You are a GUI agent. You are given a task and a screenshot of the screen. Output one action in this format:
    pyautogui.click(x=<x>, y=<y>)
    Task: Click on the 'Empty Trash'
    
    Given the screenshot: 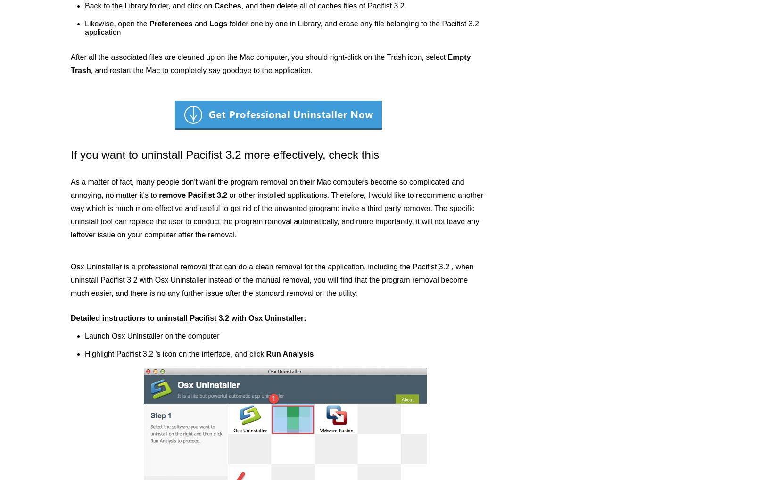 What is the action you would take?
    pyautogui.click(x=270, y=63)
    